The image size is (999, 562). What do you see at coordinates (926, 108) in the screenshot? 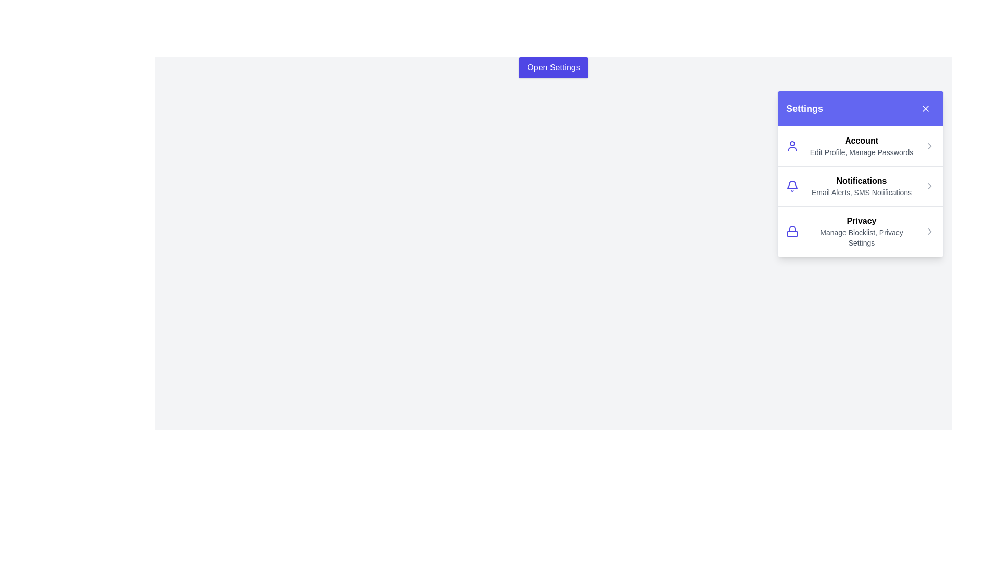
I see `the Close Button with Icon located in the top-right corner of the Settings popup` at bounding box center [926, 108].